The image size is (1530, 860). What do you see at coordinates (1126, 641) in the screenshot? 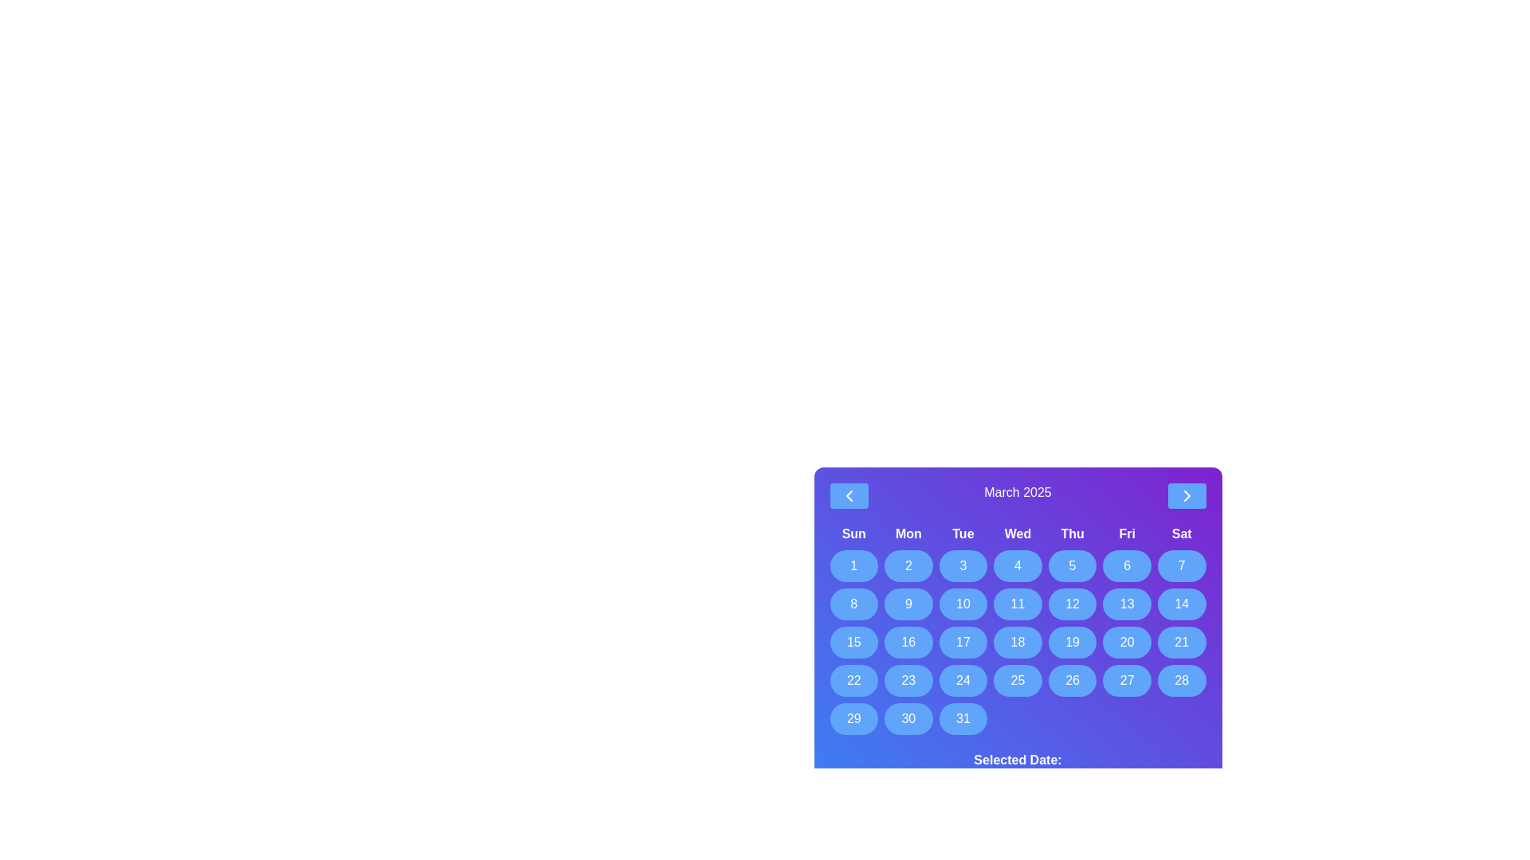
I see `the selectable date button for the date '20' in the calendar interface located in the sixth column under the 'Fri' header to change its background color` at bounding box center [1126, 641].